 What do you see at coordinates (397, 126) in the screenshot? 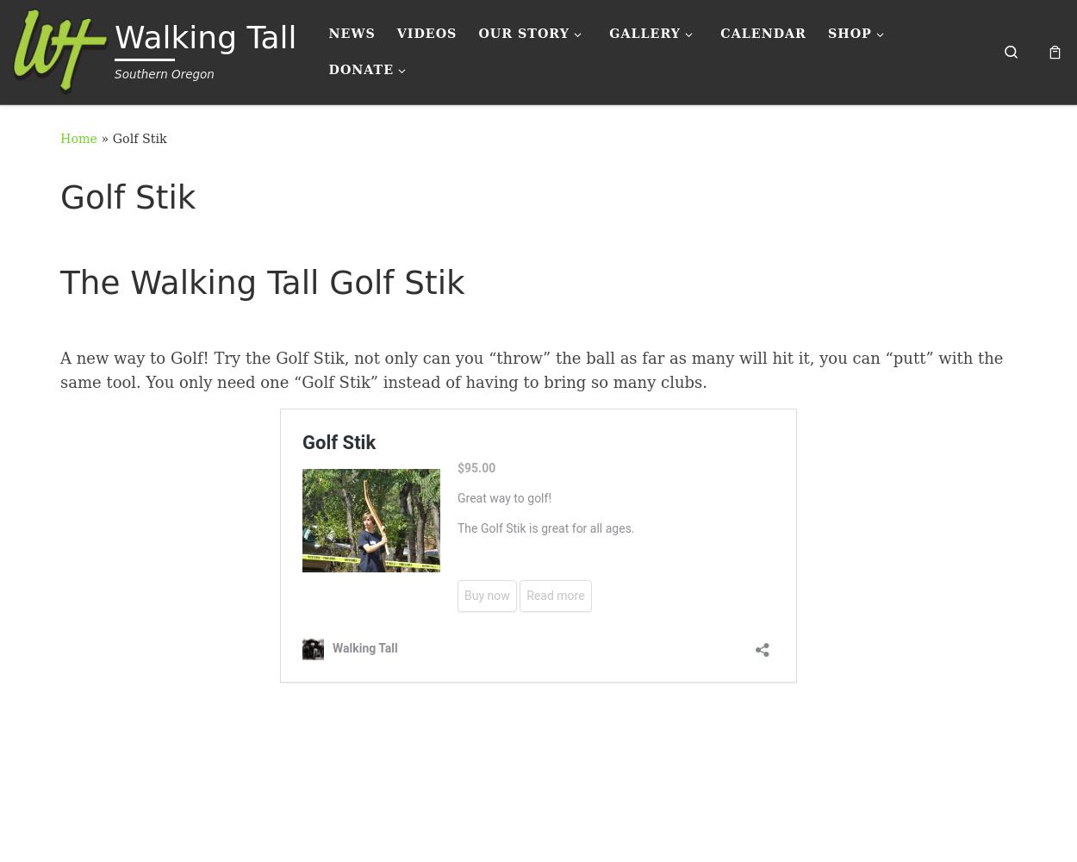
I see `'Fundraiser'` at bounding box center [397, 126].